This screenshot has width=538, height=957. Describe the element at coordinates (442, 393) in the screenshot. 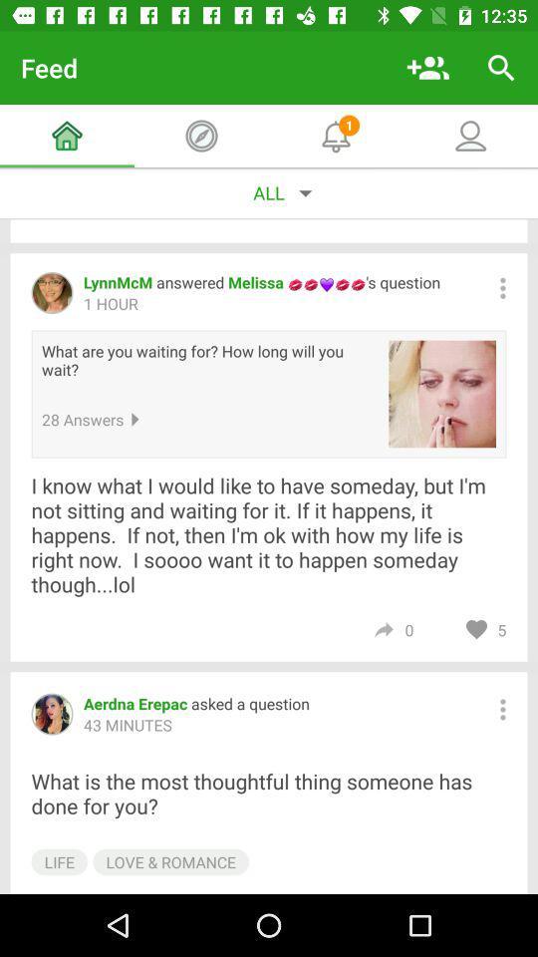

I see `the item above the i know what item` at that location.